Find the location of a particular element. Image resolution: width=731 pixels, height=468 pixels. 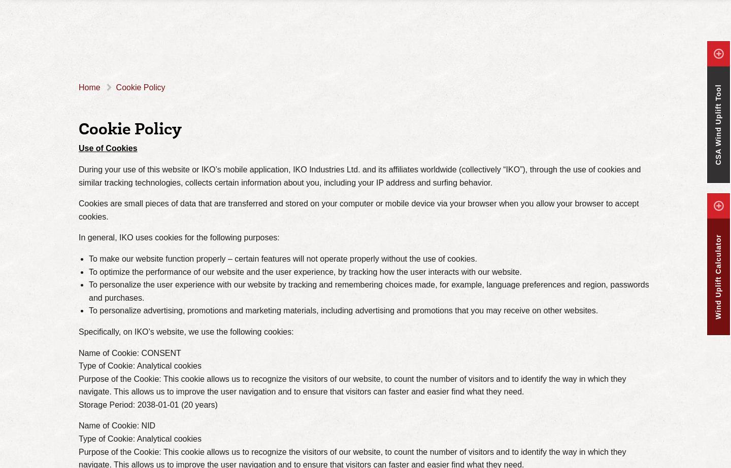

'AquaBarrier™ TG Torch Grade' is located at coordinates (167, 47).